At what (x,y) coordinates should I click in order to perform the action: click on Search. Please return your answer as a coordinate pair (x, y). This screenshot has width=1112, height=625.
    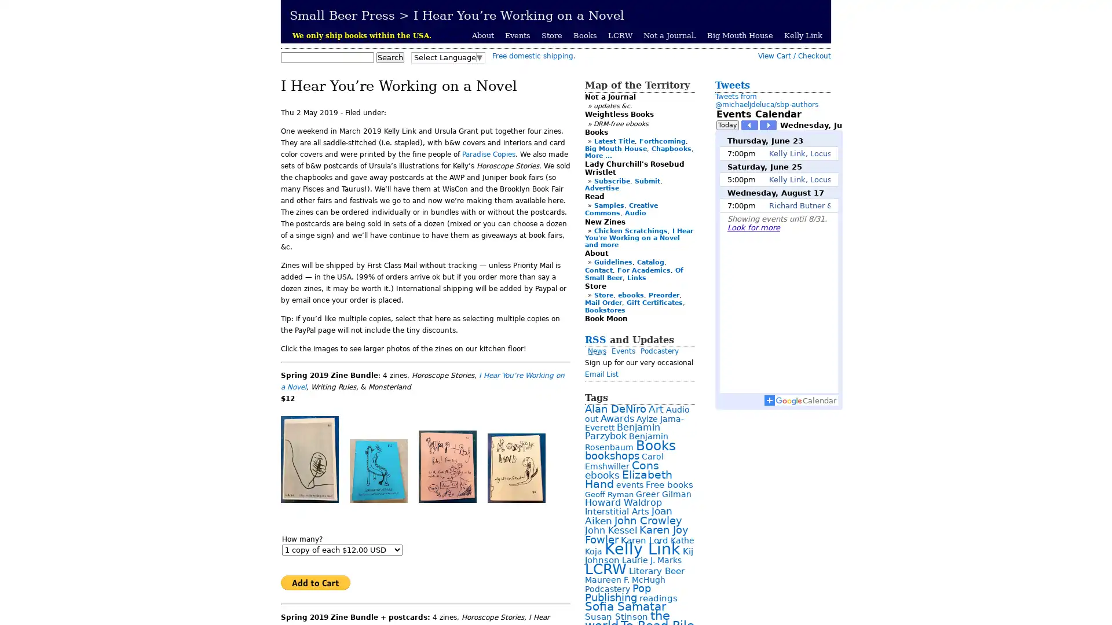
    Looking at the image, I should click on (390, 57).